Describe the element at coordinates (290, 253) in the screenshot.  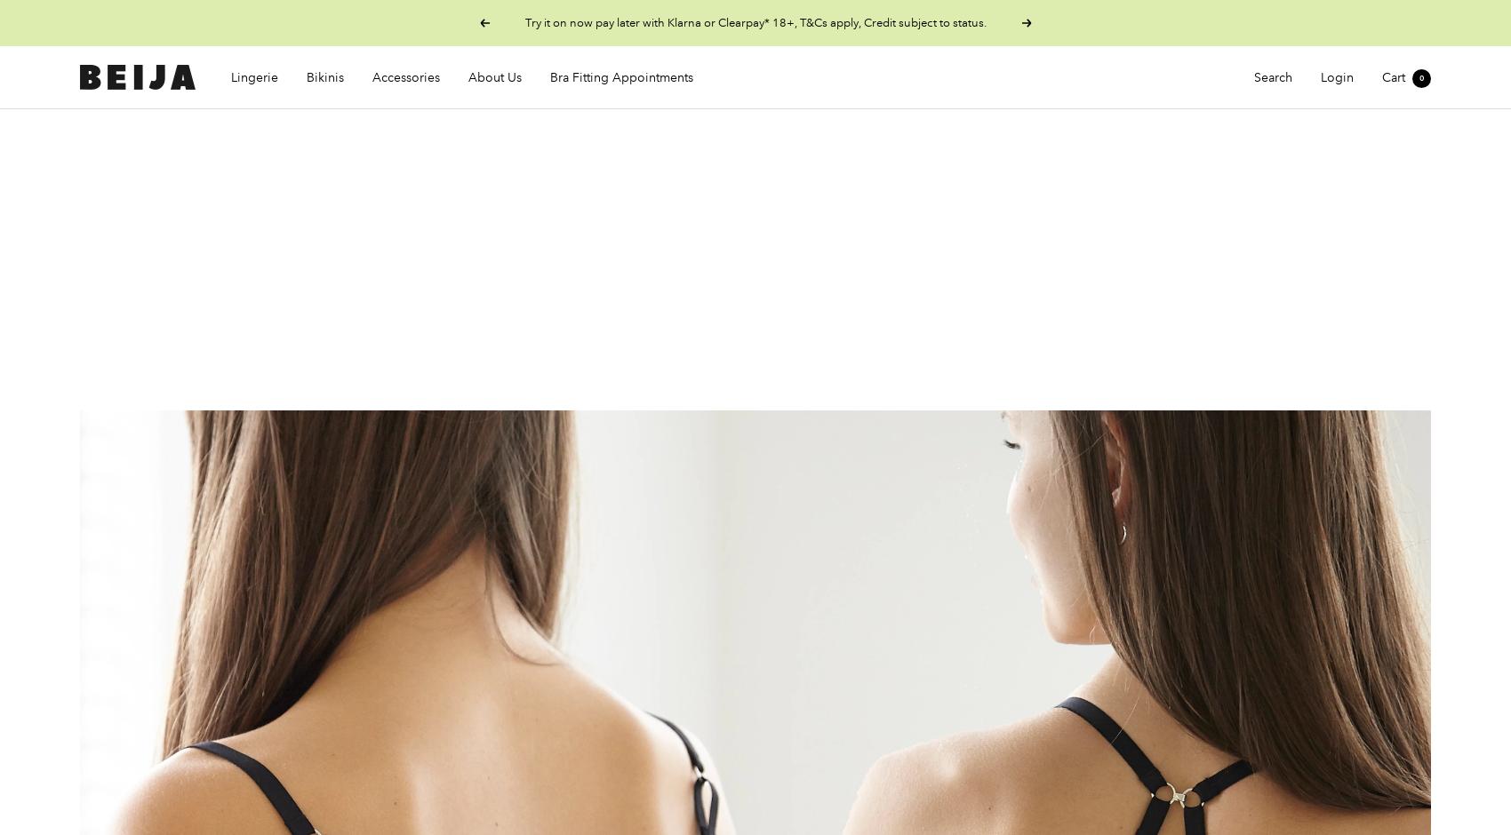
I see `'Z Bikini for DD-H CUPS'` at that location.